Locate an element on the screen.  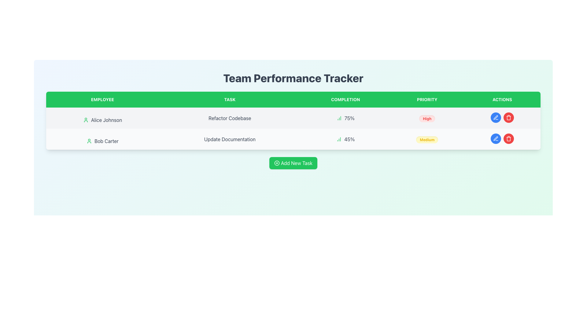
the user profile icon, which is green with rounded edges, located next to the name 'Alice Johnson' in the 'Employee' column of the table is located at coordinates (85, 120).